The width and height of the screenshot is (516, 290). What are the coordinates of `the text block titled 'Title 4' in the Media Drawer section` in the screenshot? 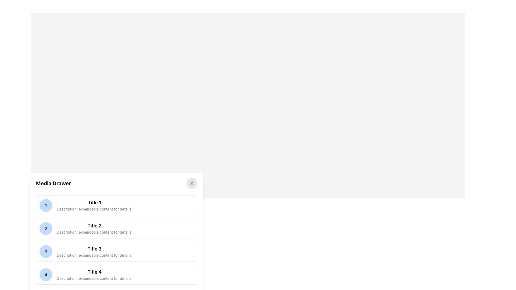 It's located at (94, 274).